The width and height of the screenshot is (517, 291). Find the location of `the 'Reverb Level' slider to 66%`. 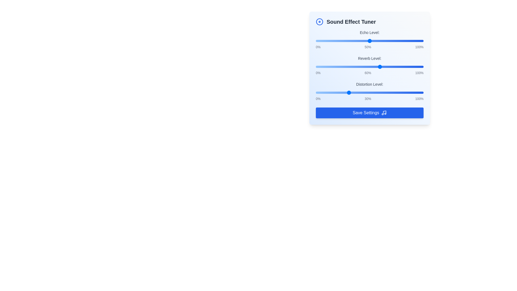

the 'Reverb Level' slider to 66% is located at coordinates (386, 66).